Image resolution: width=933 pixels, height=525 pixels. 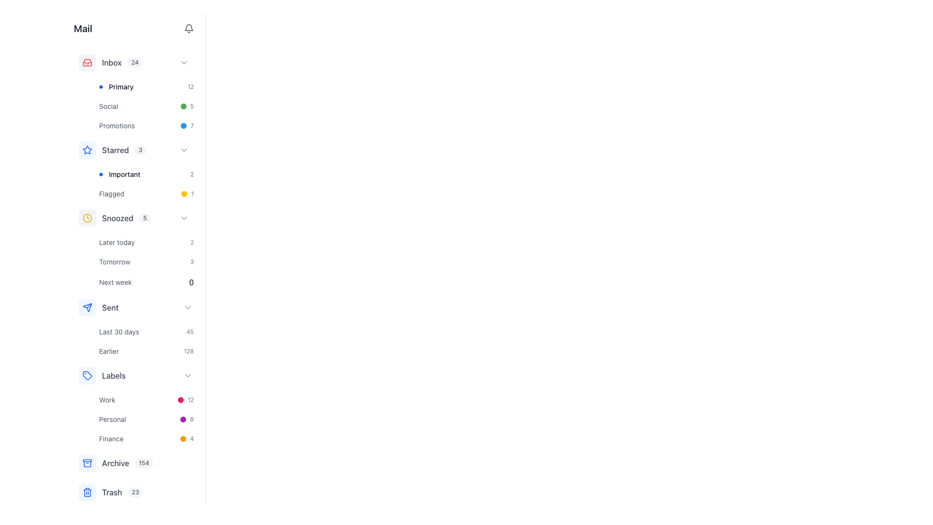 What do you see at coordinates (188, 193) in the screenshot?
I see `the Badge indicating the count of flagged items located to the right of the 'Flagged' label in the user interface to associate the count with corresponding items` at bounding box center [188, 193].